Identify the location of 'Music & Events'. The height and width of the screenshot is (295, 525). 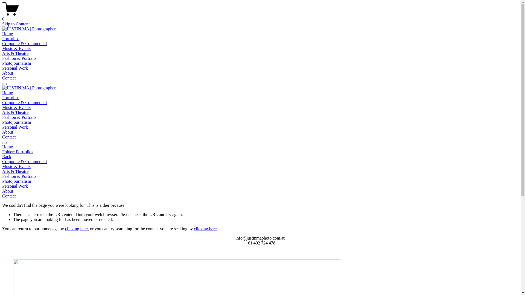
(2, 48).